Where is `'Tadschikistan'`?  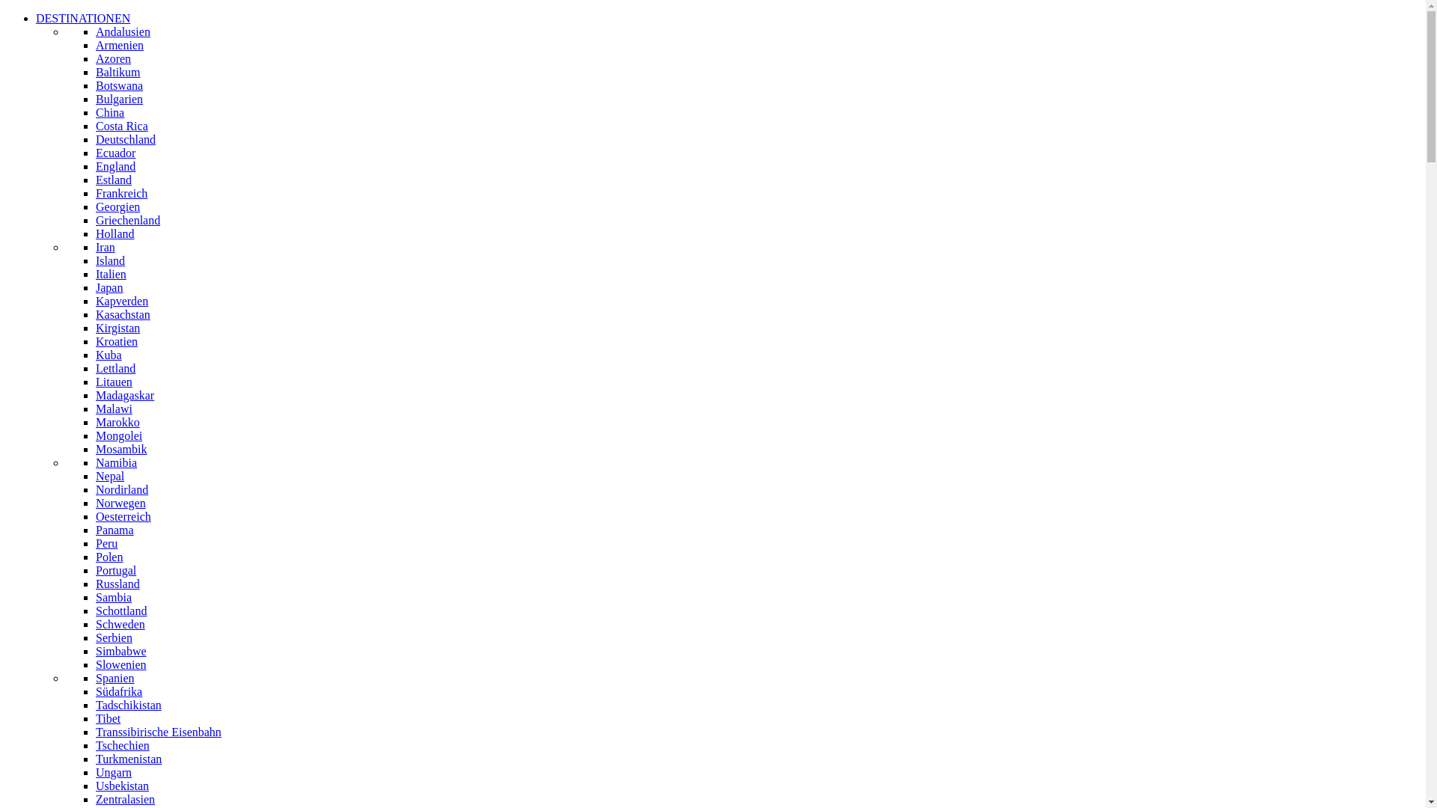
'Tadschikistan' is located at coordinates (129, 705).